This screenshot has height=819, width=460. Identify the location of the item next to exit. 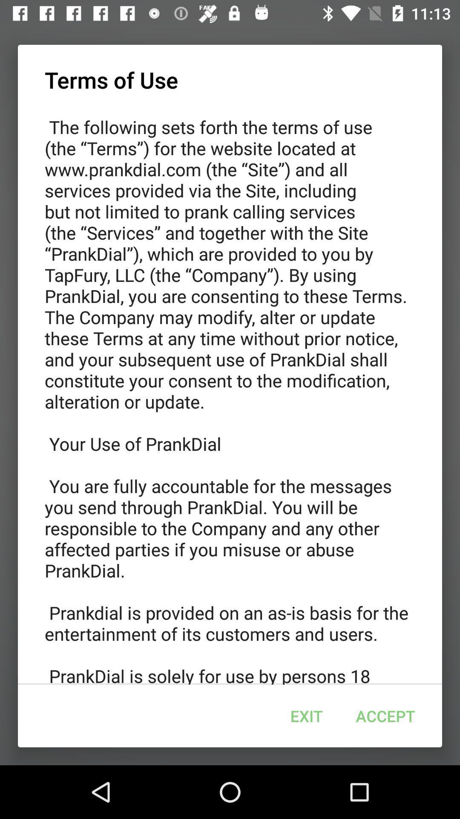
(385, 716).